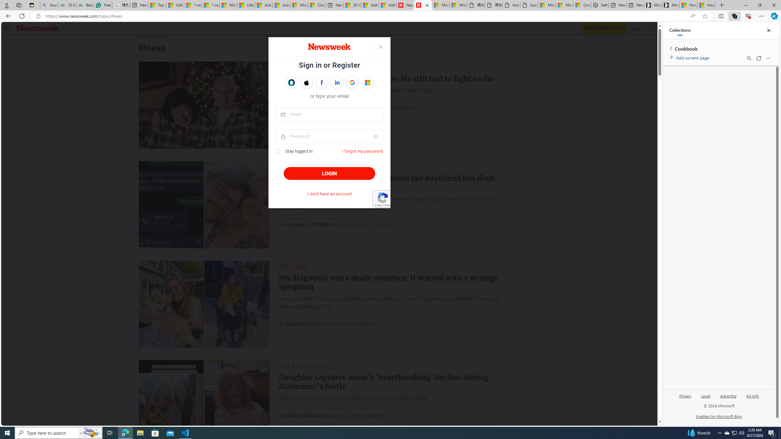 This screenshot has height=439, width=781. I want to click on 'password', so click(329, 136).